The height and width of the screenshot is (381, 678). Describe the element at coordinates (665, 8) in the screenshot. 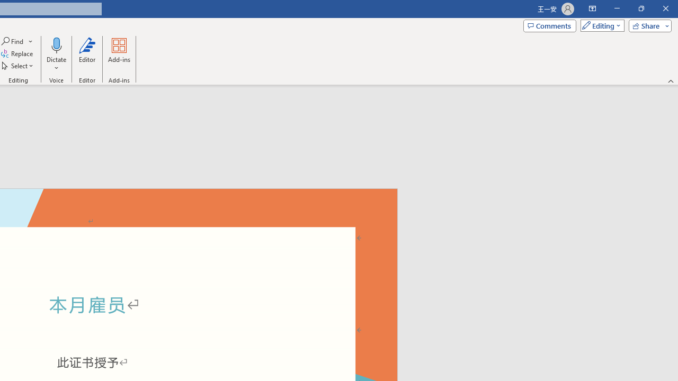

I see `'Close'` at that location.